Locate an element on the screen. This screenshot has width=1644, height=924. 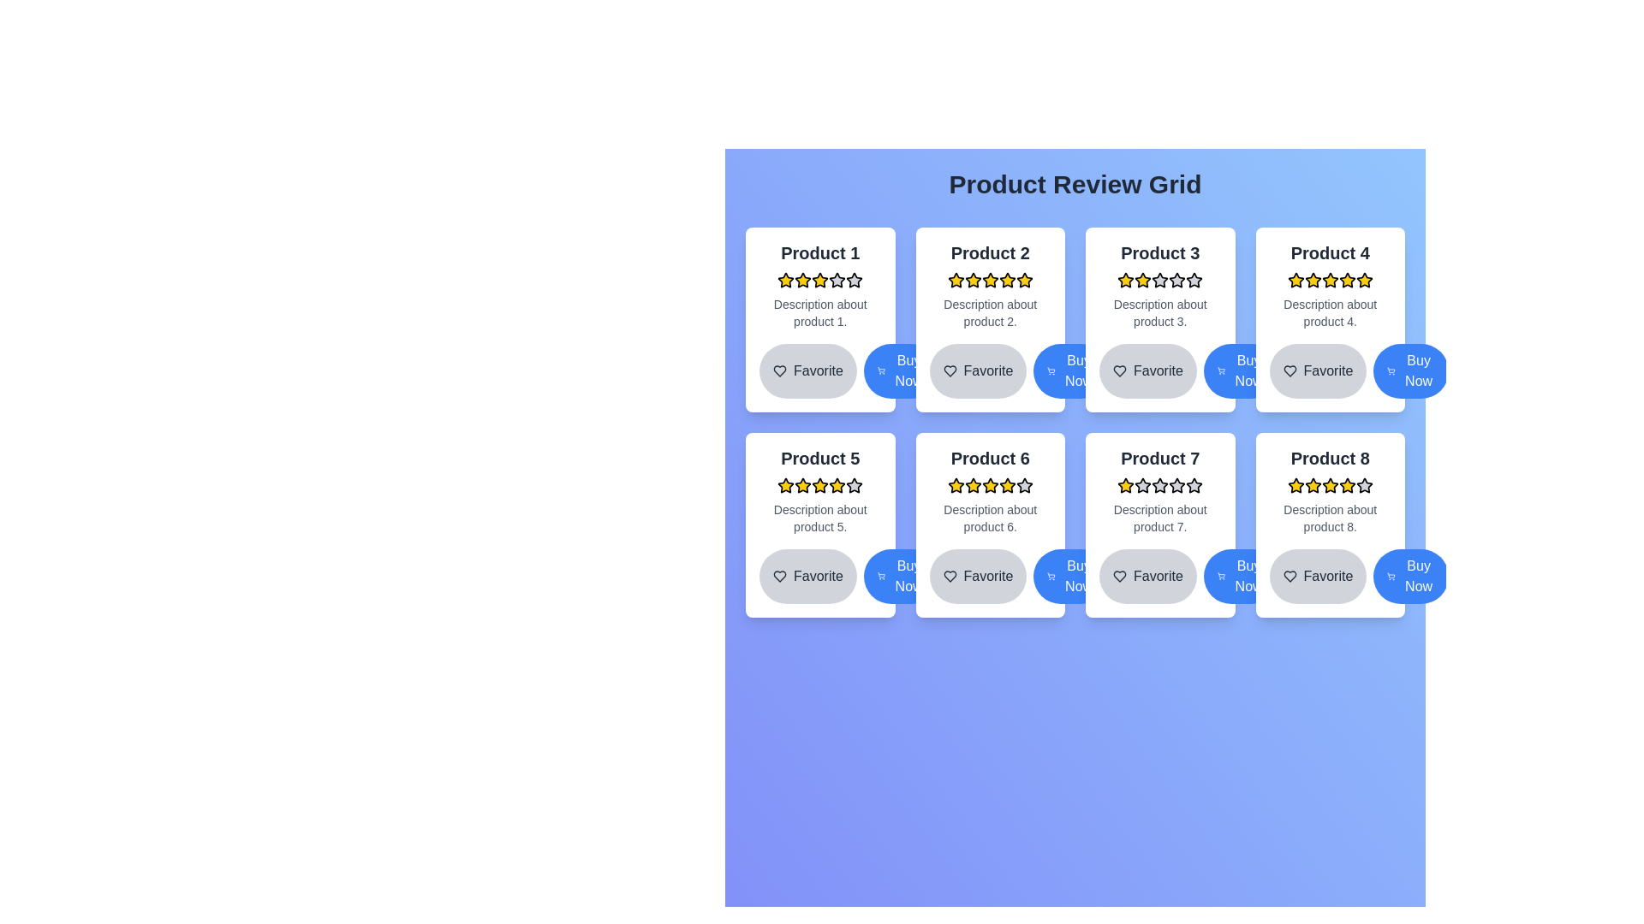
the fourth star icon in the rating component for 'Product 4' to set the rating is located at coordinates (1346, 279).